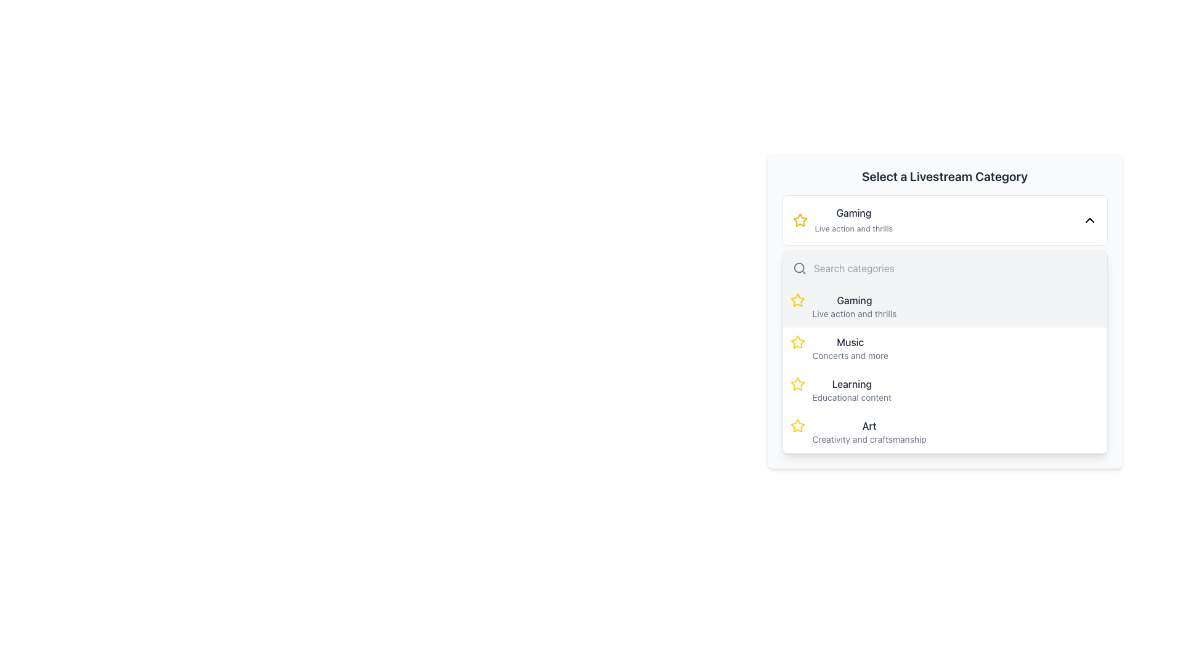  What do you see at coordinates (853, 305) in the screenshot?
I see `the 'Gaming' category label with the description 'Live action and thrills'` at bounding box center [853, 305].